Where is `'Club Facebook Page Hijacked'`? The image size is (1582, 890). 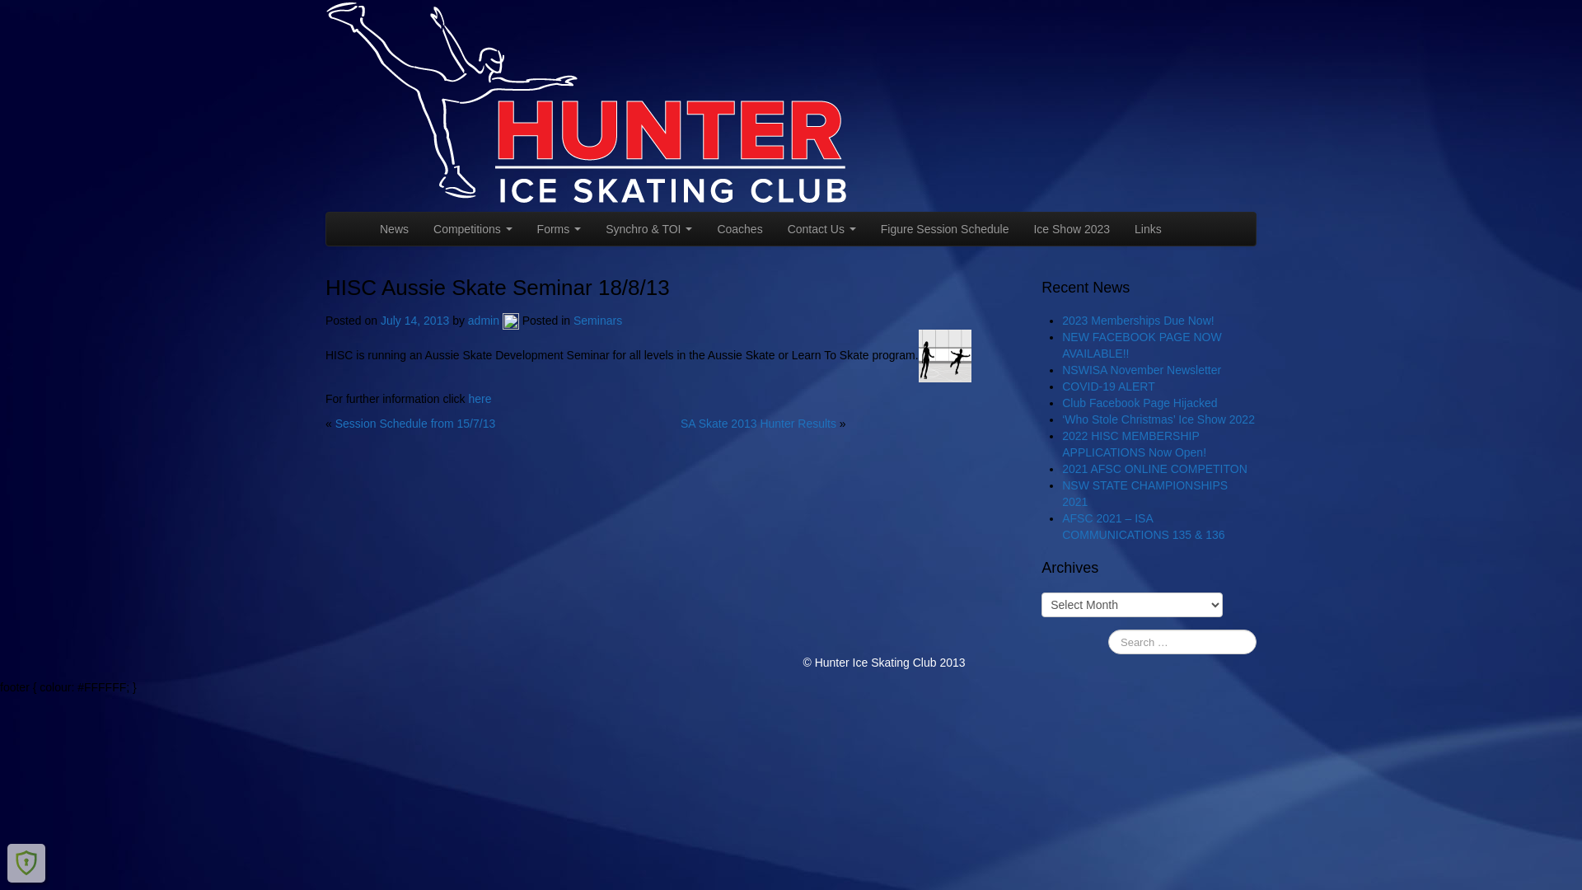 'Club Facebook Page Hijacked' is located at coordinates (1138, 403).